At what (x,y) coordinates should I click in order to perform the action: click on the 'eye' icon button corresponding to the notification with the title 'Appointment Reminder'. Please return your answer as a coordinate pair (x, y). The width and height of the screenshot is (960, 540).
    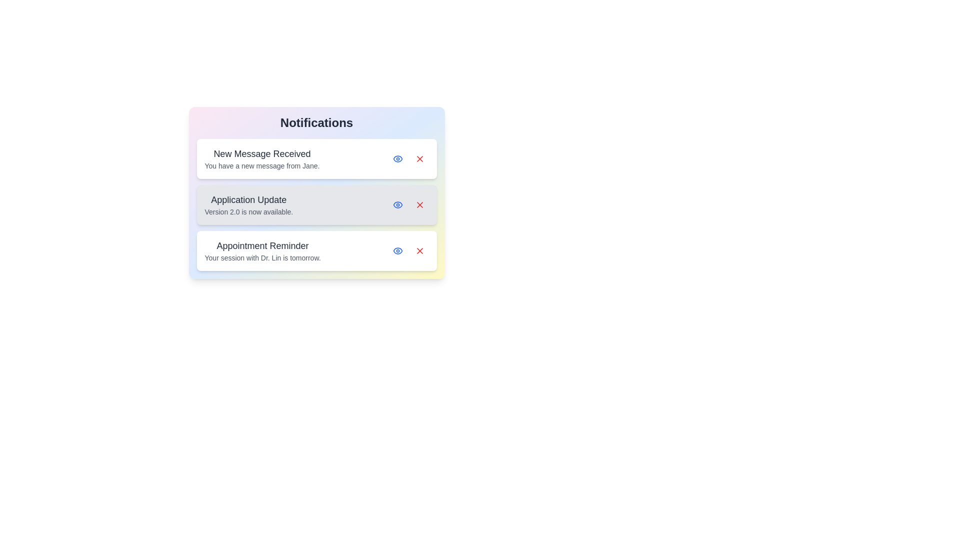
    Looking at the image, I should click on (397, 250).